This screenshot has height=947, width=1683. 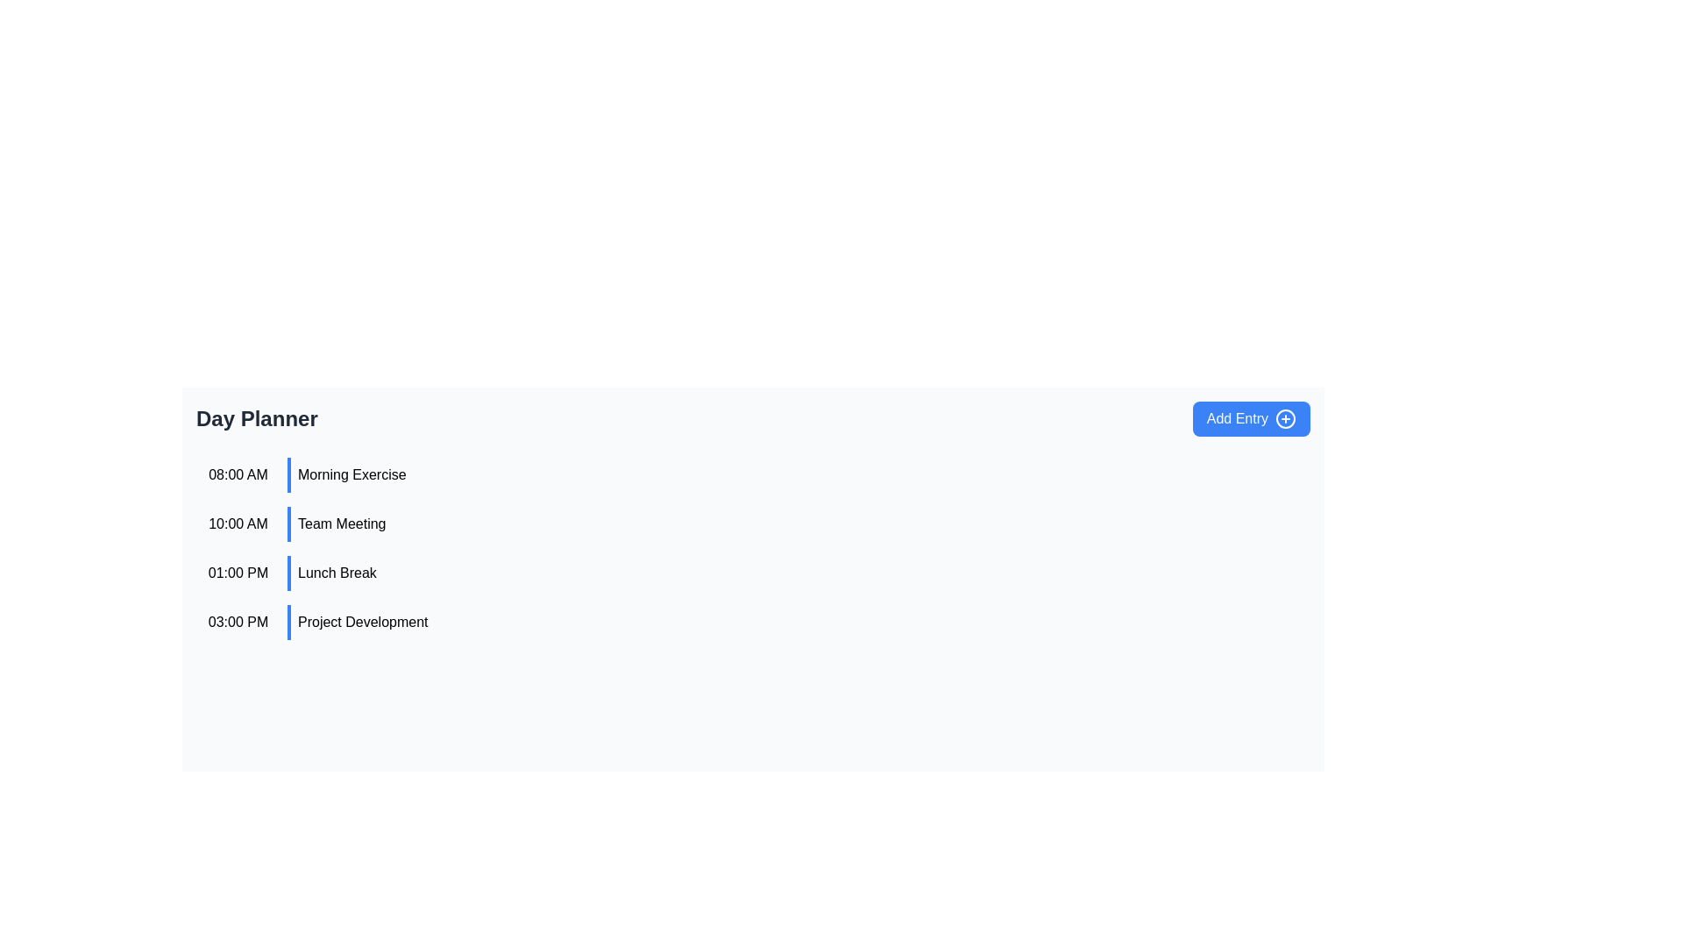 What do you see at coordinates (289, 573) in the screenshot?
I see `the Decorative Separator located between the '01:00 PM' label on the left and the 'Lunch Break' label on the right` at bounding box center [289, 573].